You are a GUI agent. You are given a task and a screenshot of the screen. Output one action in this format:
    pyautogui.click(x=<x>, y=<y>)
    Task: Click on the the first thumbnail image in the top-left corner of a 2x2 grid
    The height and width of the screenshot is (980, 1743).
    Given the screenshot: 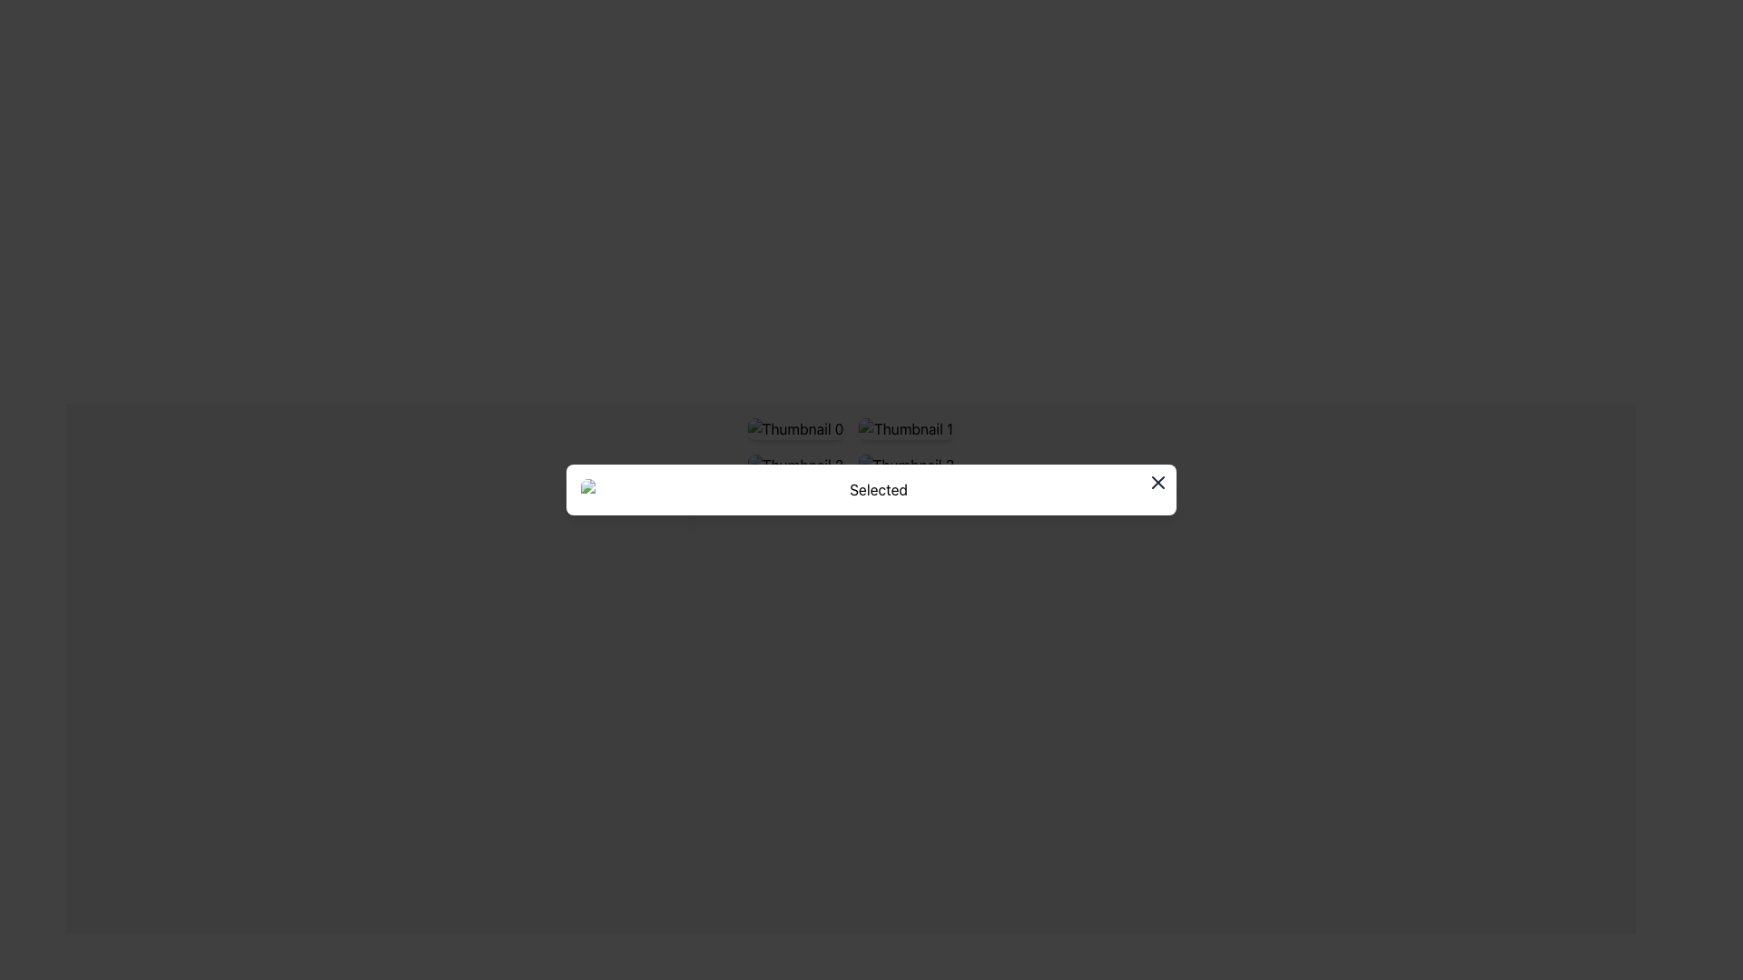 What is the action you would take?
    pyautogui.click(x=795, y=429)
    